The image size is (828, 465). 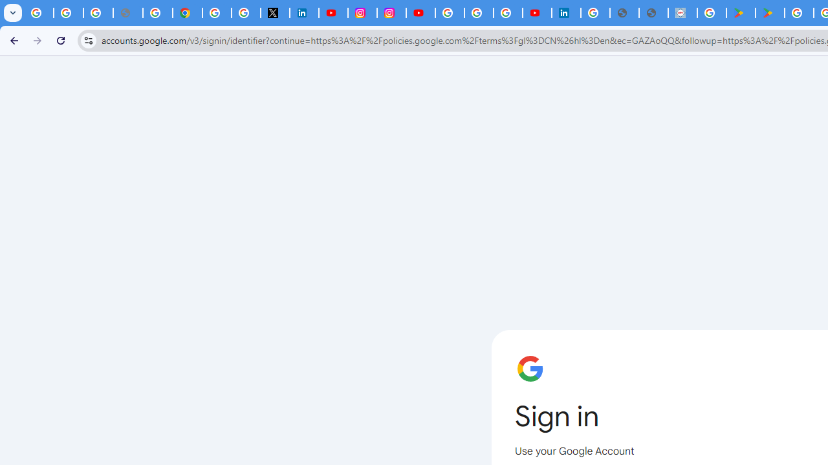 I want to click on 'Android Apps on Google Play', so click(x=741, y=13).